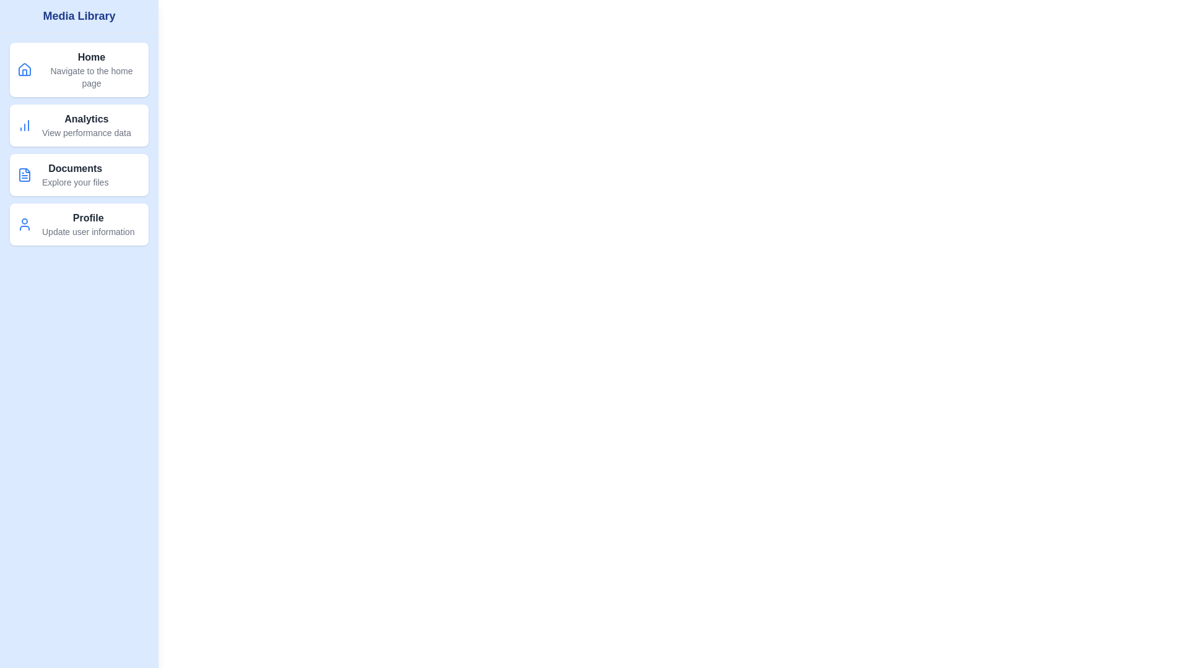  I want to click on the menu item Analytics from the Media Library Drawer, so click(79, 126).